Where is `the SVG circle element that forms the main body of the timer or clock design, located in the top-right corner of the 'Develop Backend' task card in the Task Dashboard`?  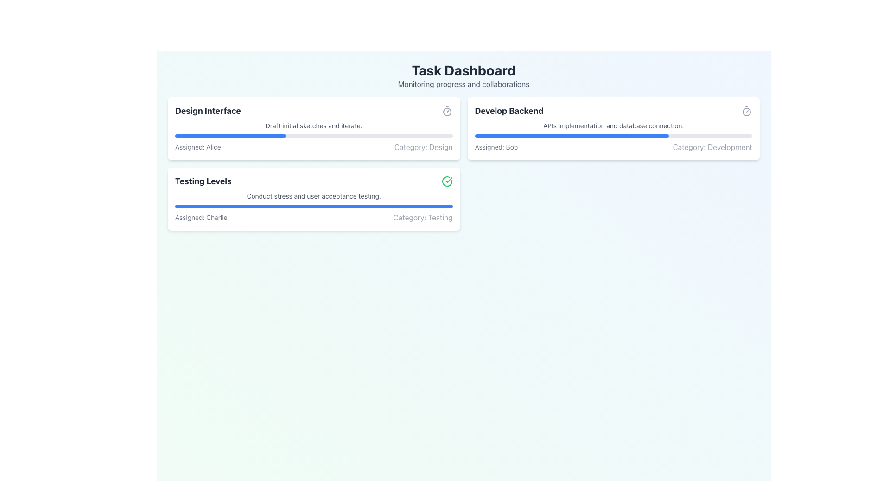
the SVG circle element that forms the main body of the timer or clock design, located in the top-right corner of the 'Develop Backend' task card in the Task Dashboard is located at coordinates (747, 112).